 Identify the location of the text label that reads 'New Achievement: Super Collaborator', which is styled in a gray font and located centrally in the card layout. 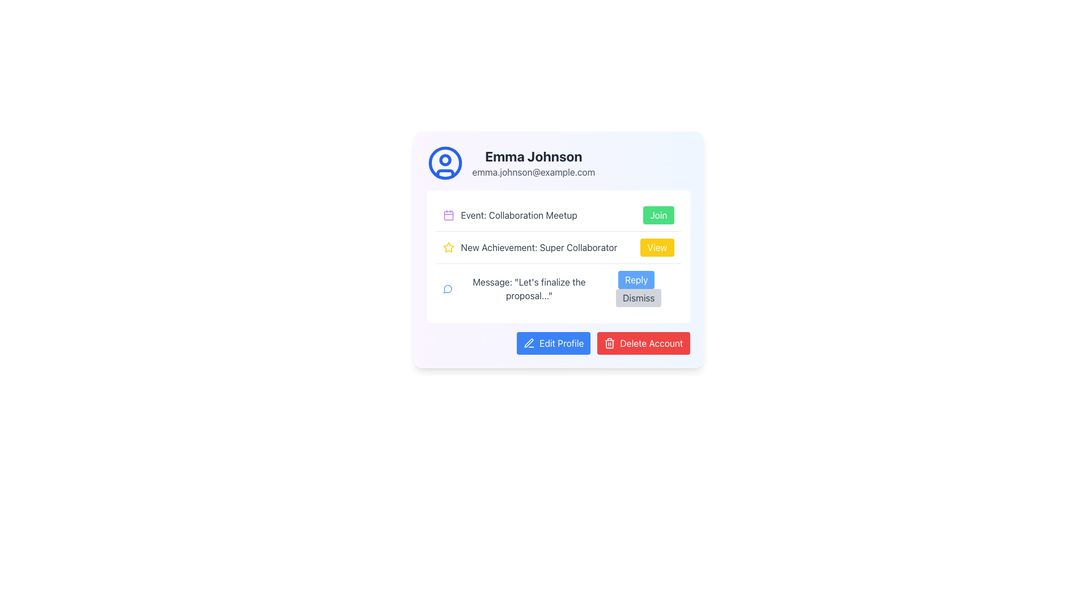
(538, 246).